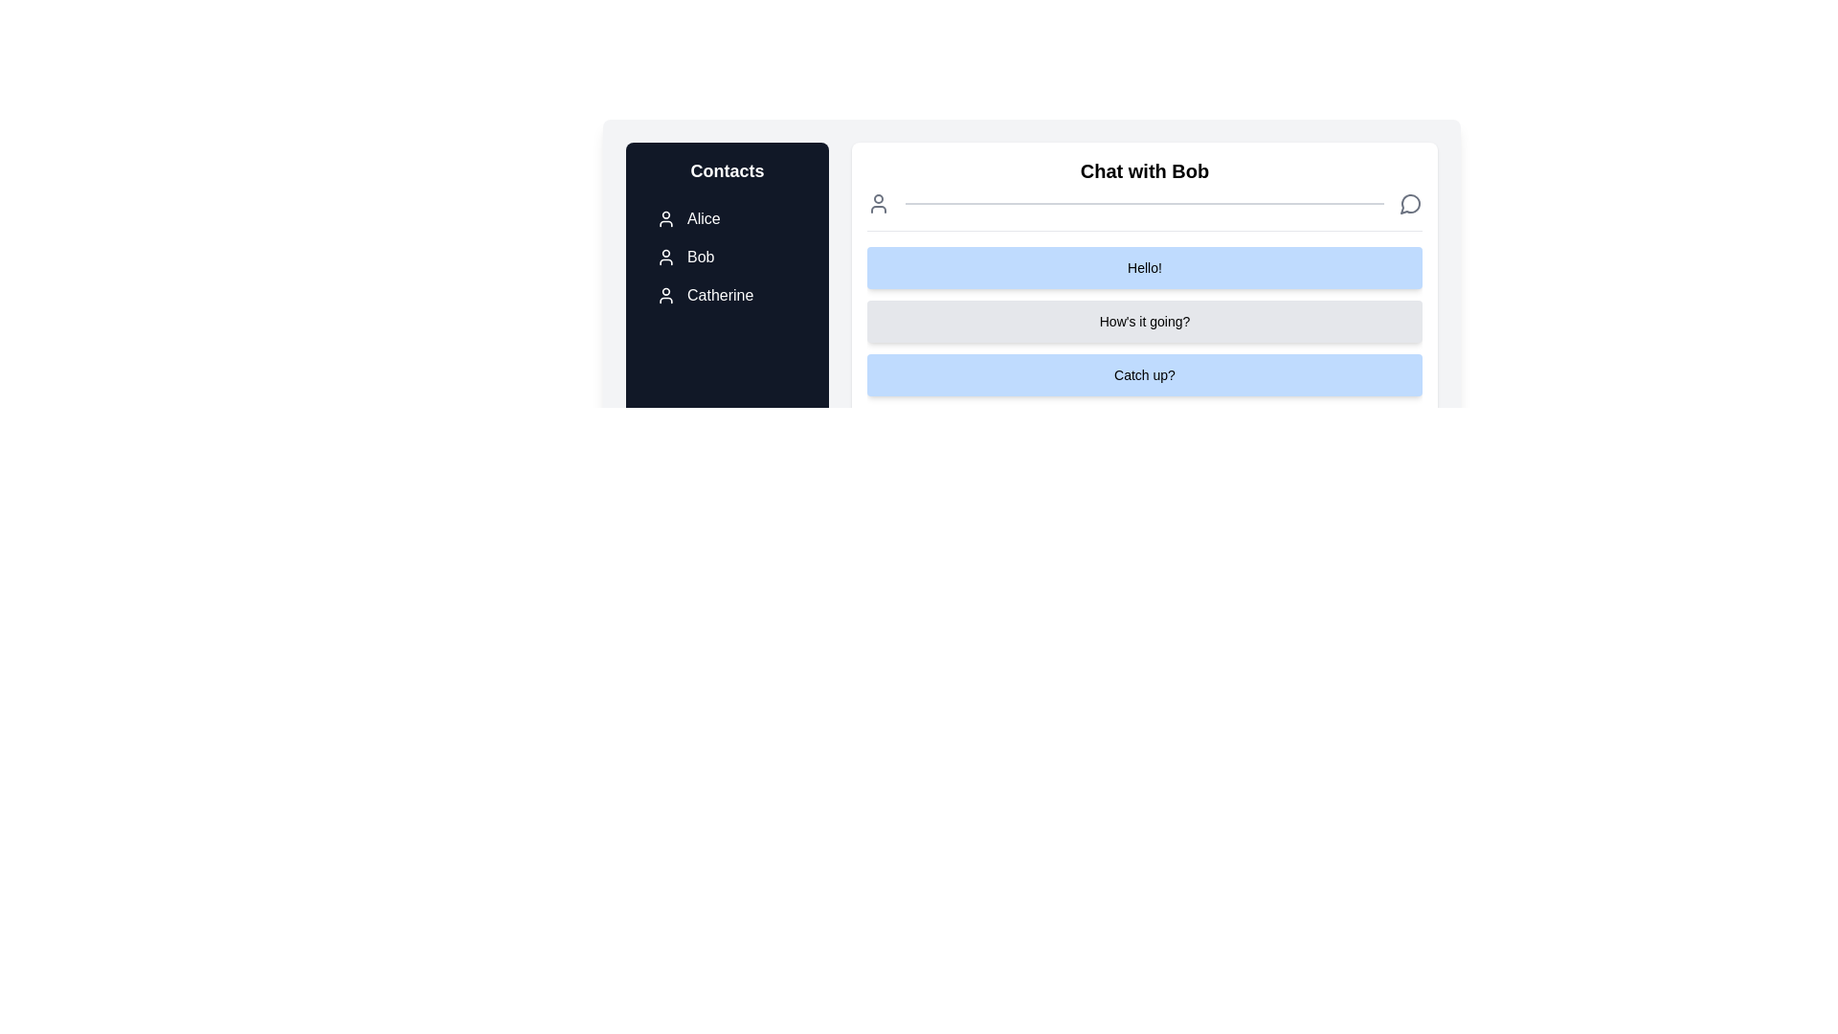  Describe the element at coordinates (726, 295) in the screenshot. I see `the list item displaying the name 'Catherine'` at that location.